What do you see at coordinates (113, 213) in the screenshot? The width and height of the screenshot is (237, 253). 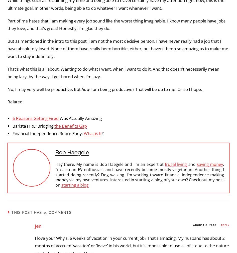 I see `'That’s what this is all about. Wanting to do what I want, when I want to do it. And that doesn’t necessarily mean being lazy, by the way. I get bored when I’m lazy.'` at bounding box center [113, 213].